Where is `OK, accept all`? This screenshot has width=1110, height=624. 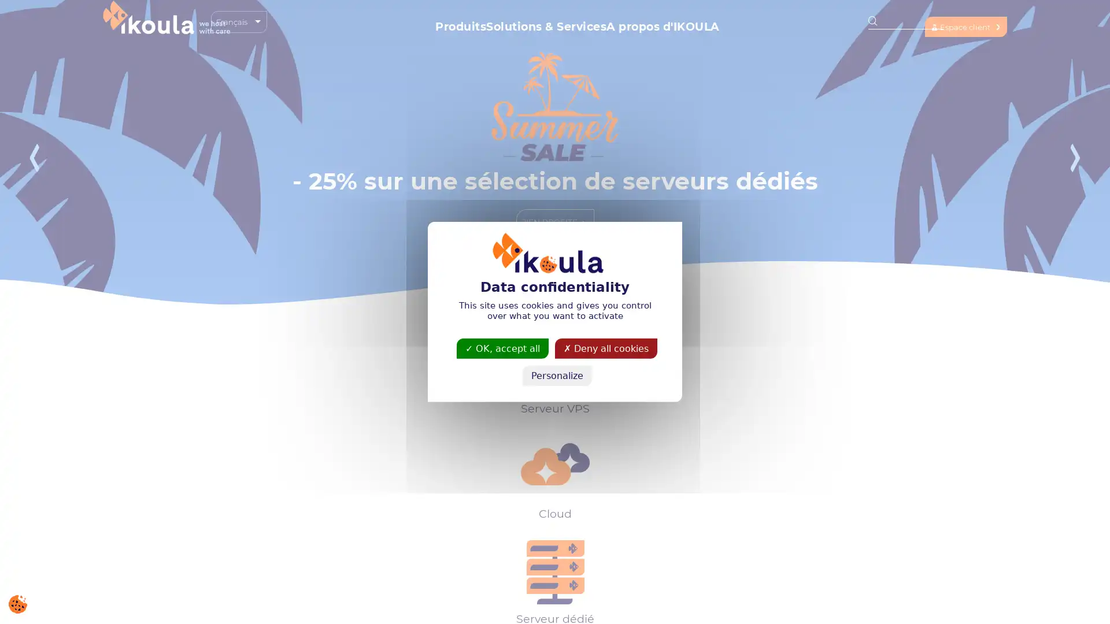
OK, accept all is located at coordinates (502, 347).